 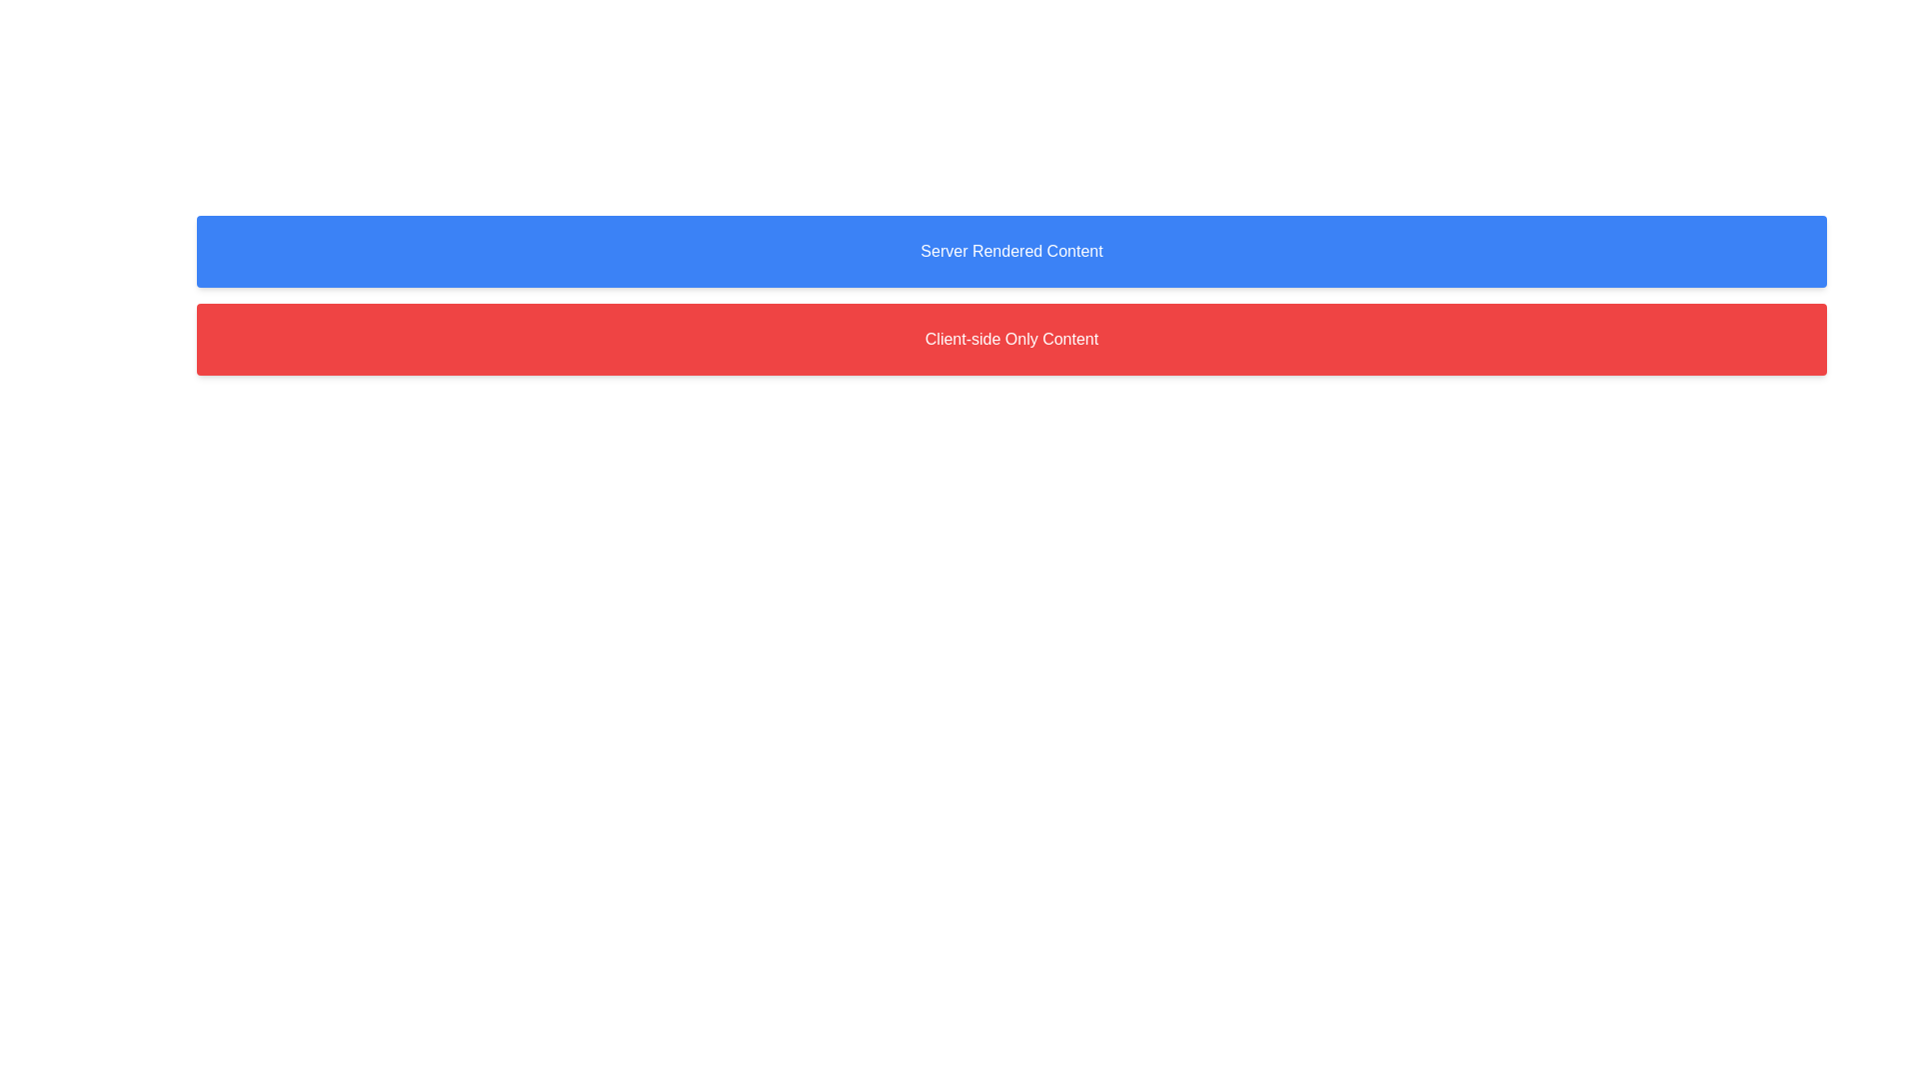 What do you see at coordinates (1011, 338) in the screenshot?
I see `the static text-containing block that displays client-side rendered information, located below the 'Server Rendered Content' block` at bounding box center [1011, 338].